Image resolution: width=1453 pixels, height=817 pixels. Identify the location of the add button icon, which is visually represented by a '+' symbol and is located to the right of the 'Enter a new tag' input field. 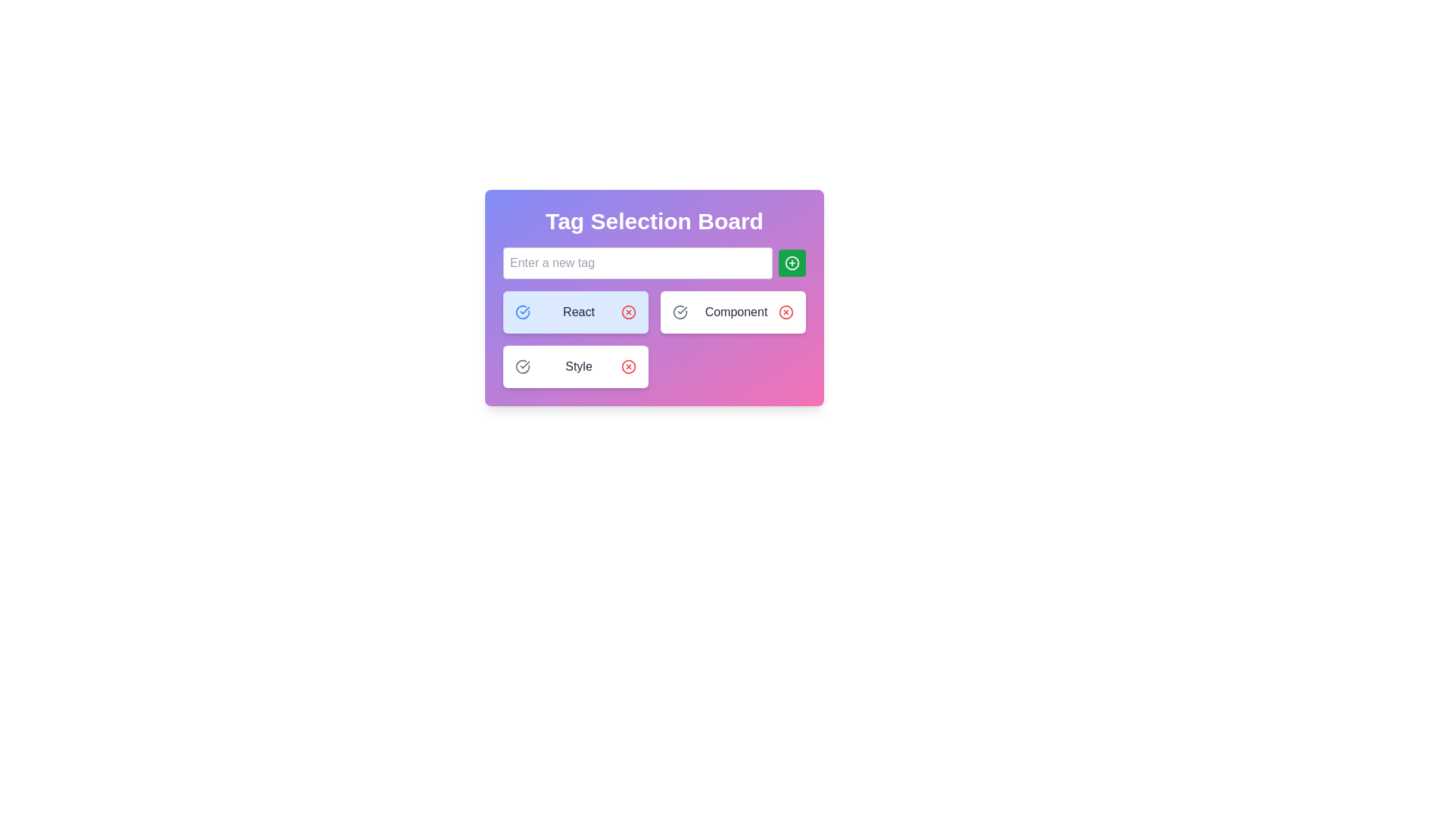
(791, 262).